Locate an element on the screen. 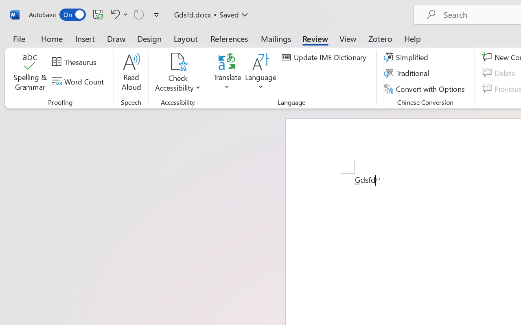 This screenshot has width=521, height=325. 'Can' is located at coordinates (139, 14).